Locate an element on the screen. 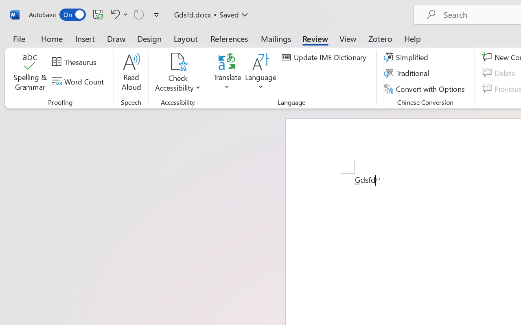 This screenshot has width=521, height=325. 'Can' is located at coordinates (139, 14).